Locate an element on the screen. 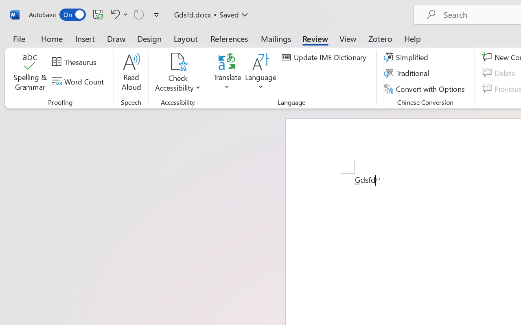 This screenshot has width=521, height=325. 'Can' is located at coordinates (139, 14).